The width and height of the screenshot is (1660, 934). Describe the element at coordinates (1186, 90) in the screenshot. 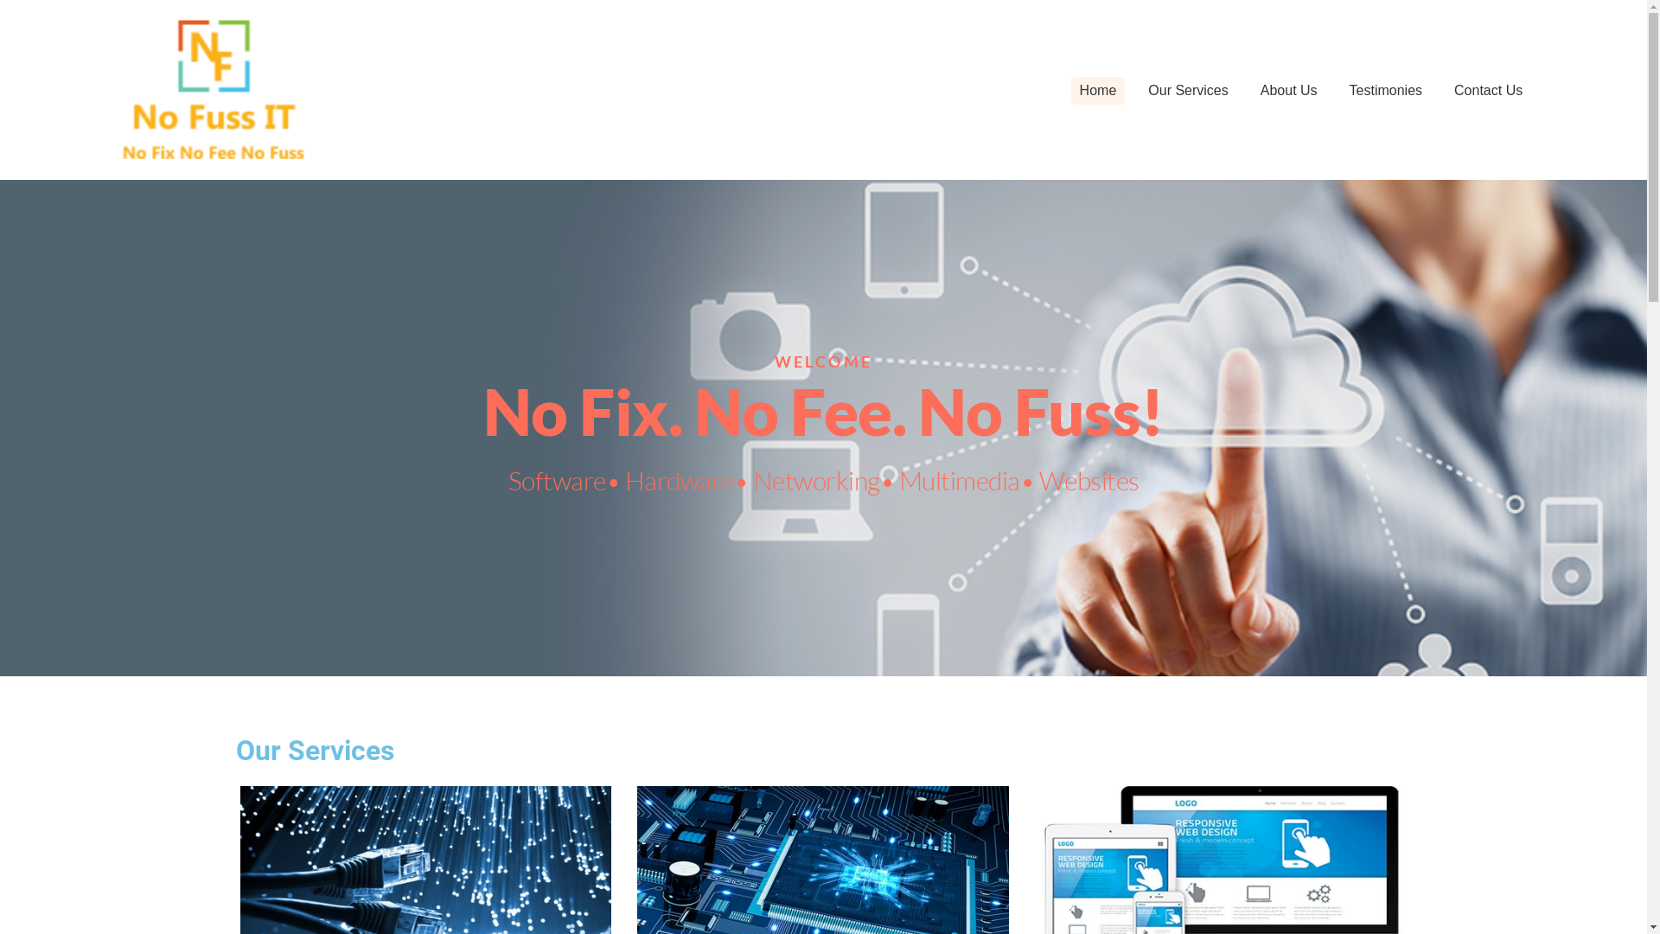

I see `'Our Services'` at that location.